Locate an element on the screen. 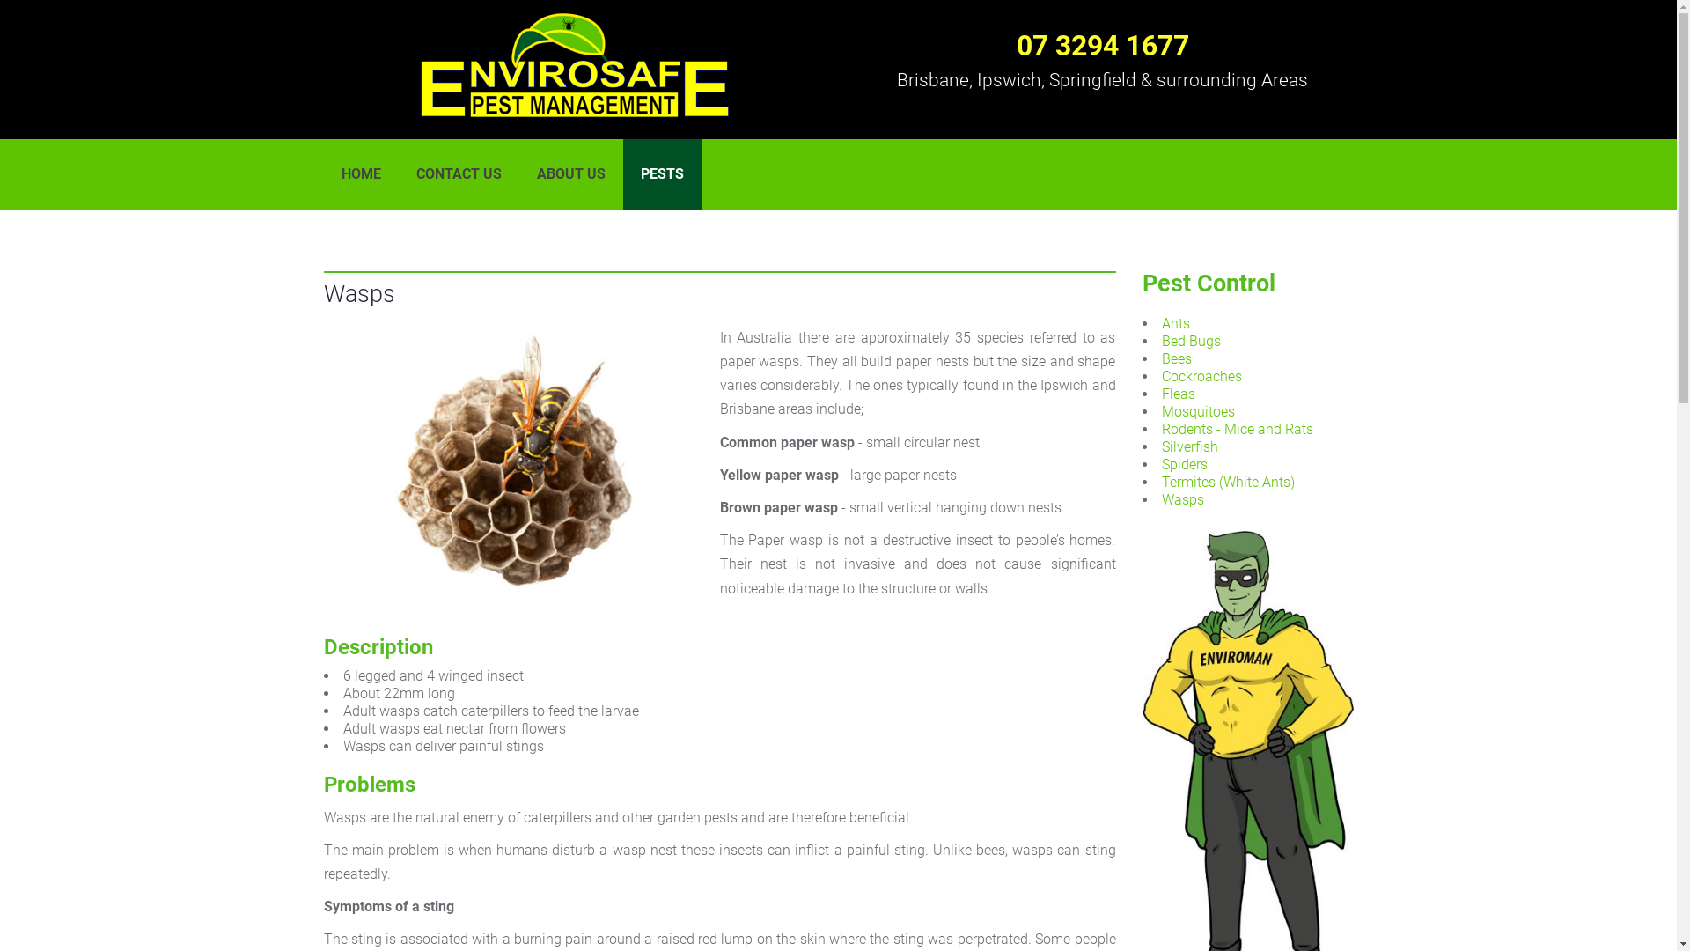  'Envirosafe Pest Management - Ipswich' is located at coordinates (574, 63).